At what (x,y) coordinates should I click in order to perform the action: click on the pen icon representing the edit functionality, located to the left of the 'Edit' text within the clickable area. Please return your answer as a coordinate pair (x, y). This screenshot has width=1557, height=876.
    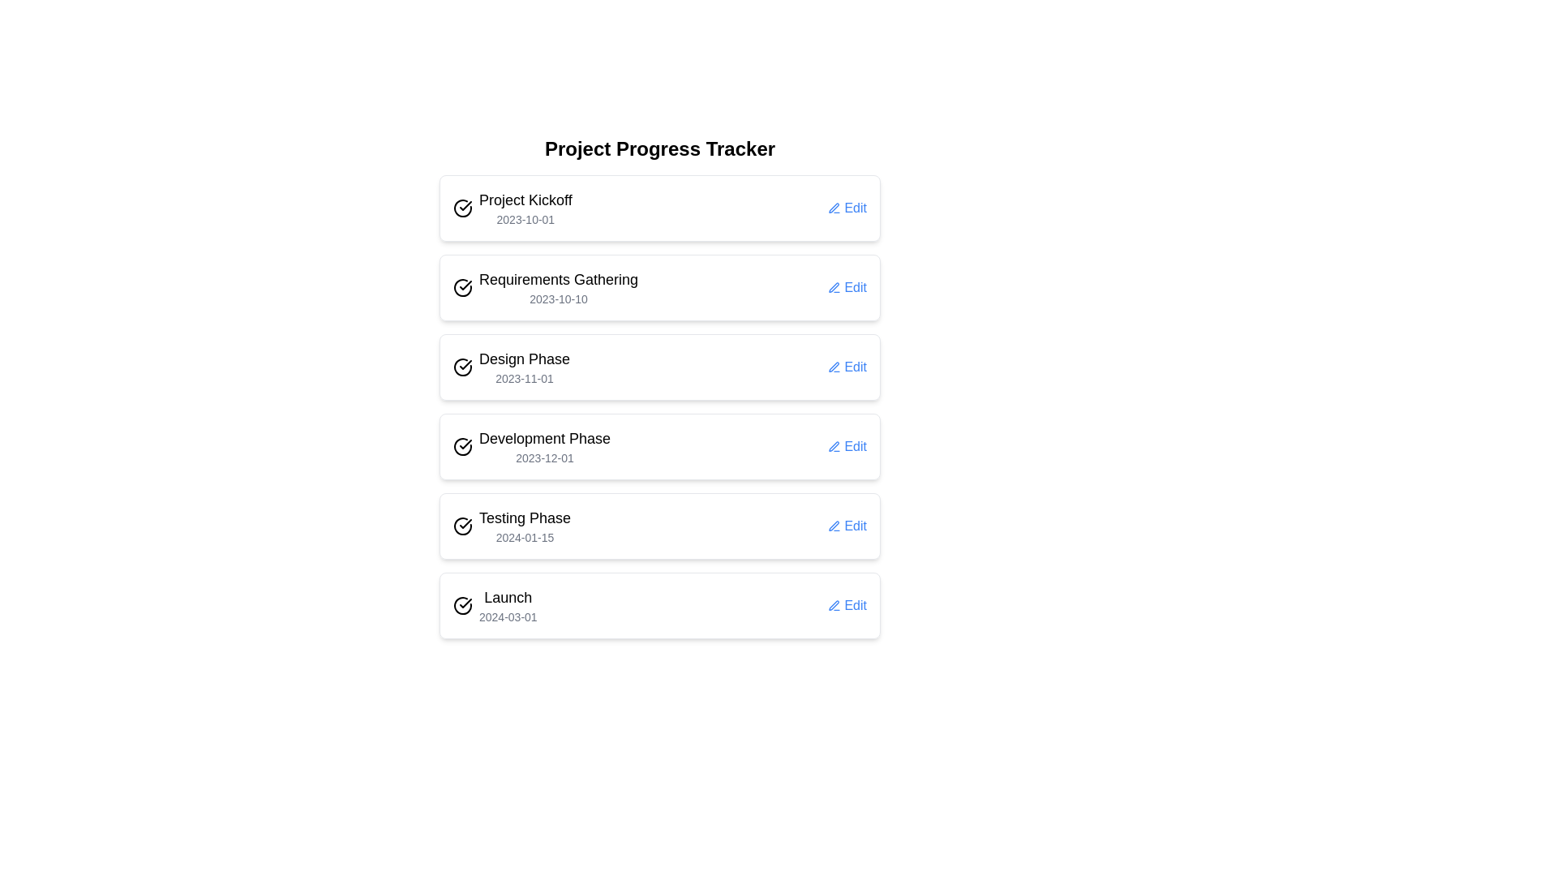
    Looking at the image, I should click on (834, 447).